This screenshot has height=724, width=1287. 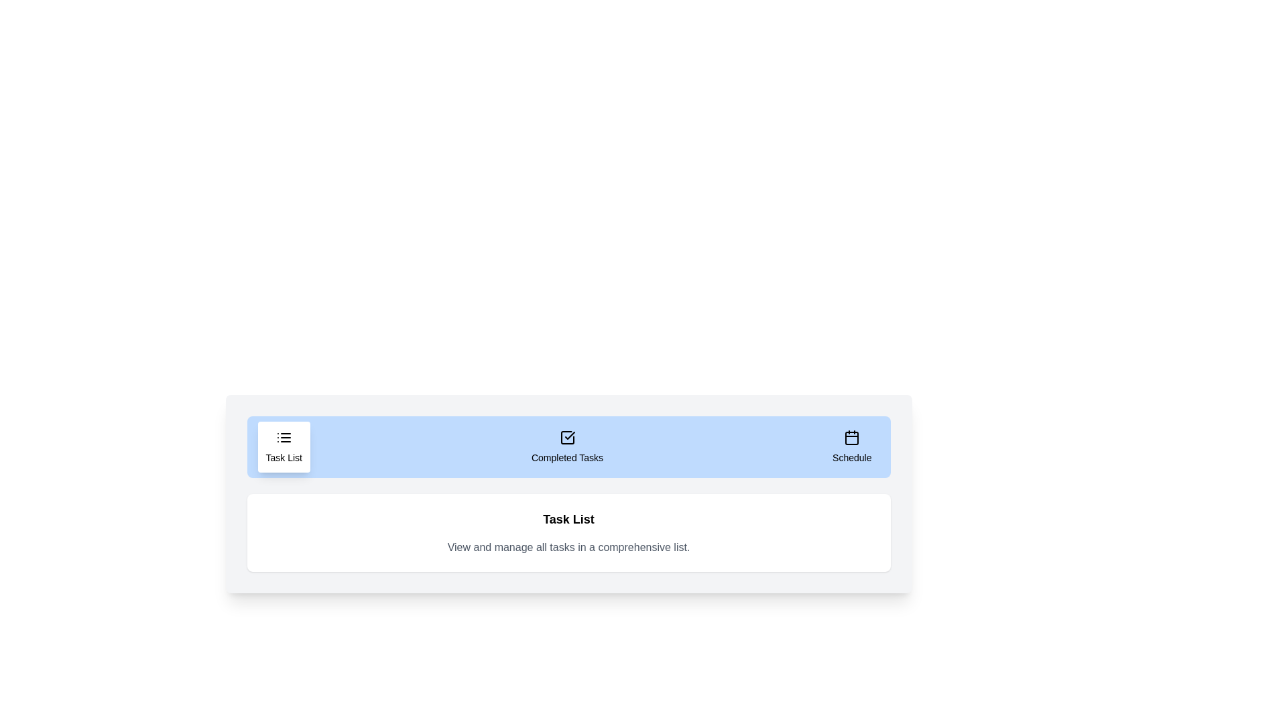 I want to click on the 'Schedule' tab to switch to the schedule view, so click(x=851, y=447).